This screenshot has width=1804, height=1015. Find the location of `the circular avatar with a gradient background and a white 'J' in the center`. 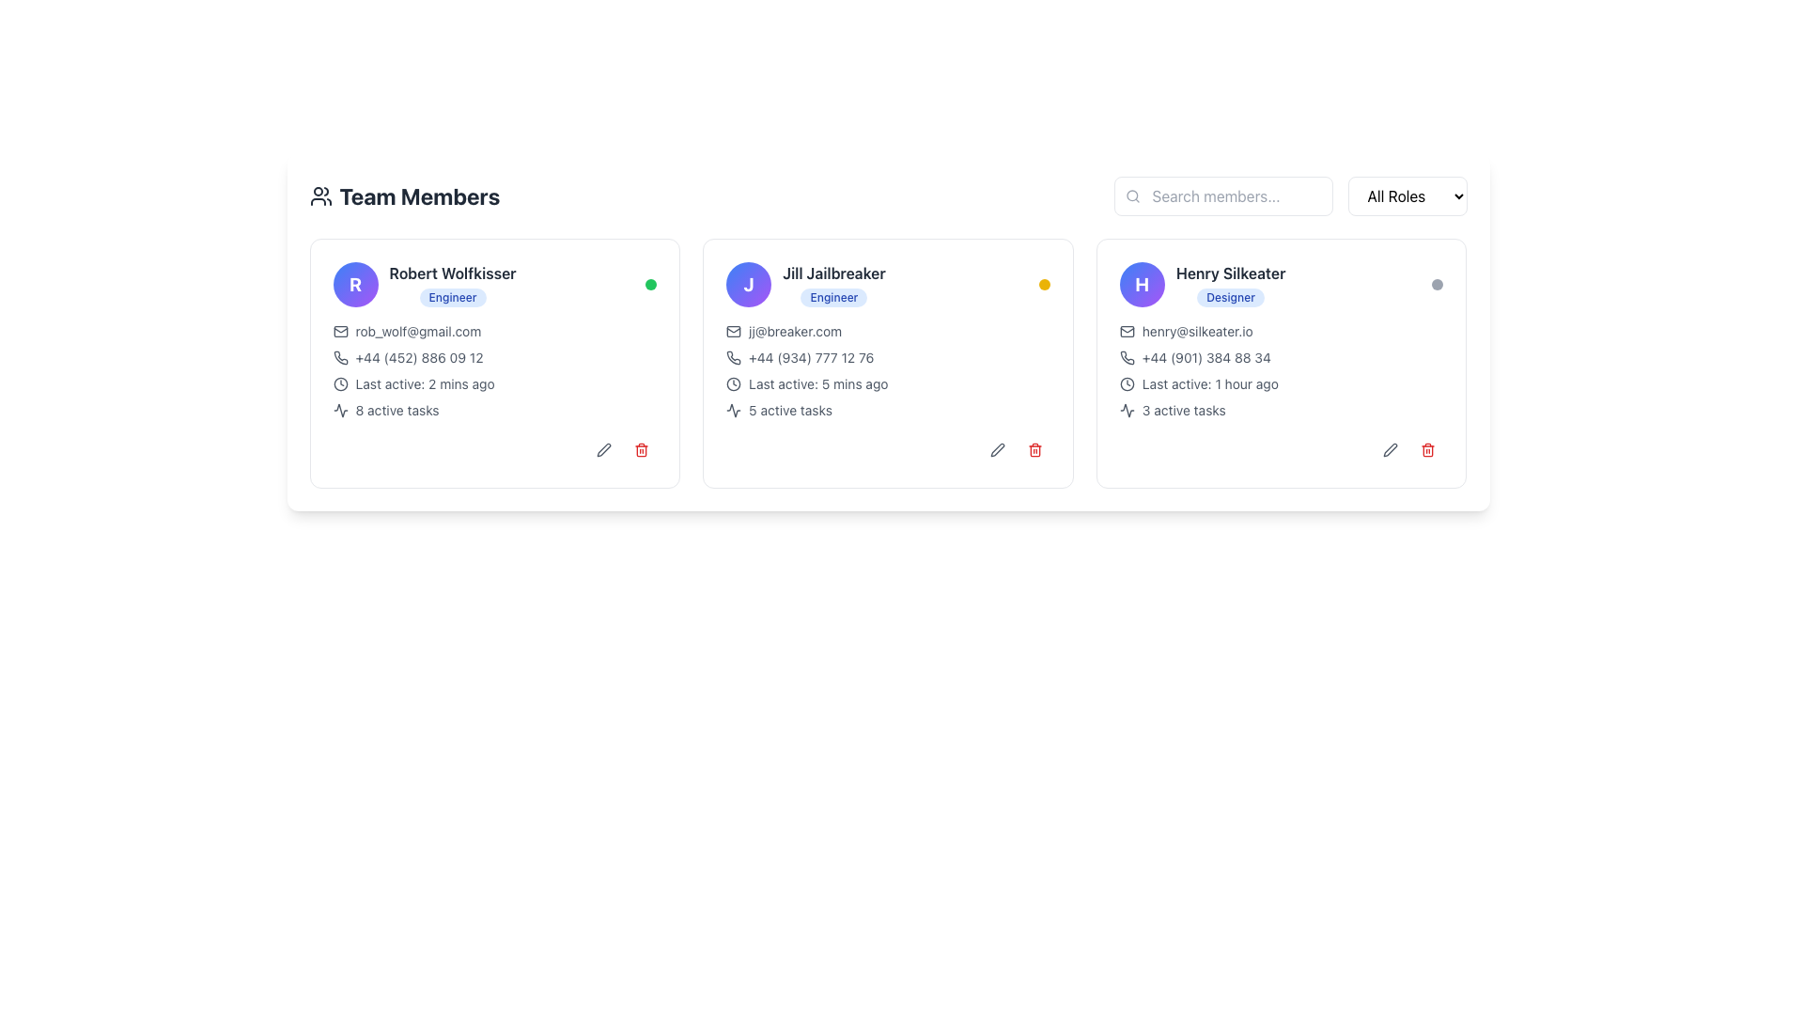

the circular avatar with a gradient background and a white 'J' in the center is located at coordinates (748, 285).